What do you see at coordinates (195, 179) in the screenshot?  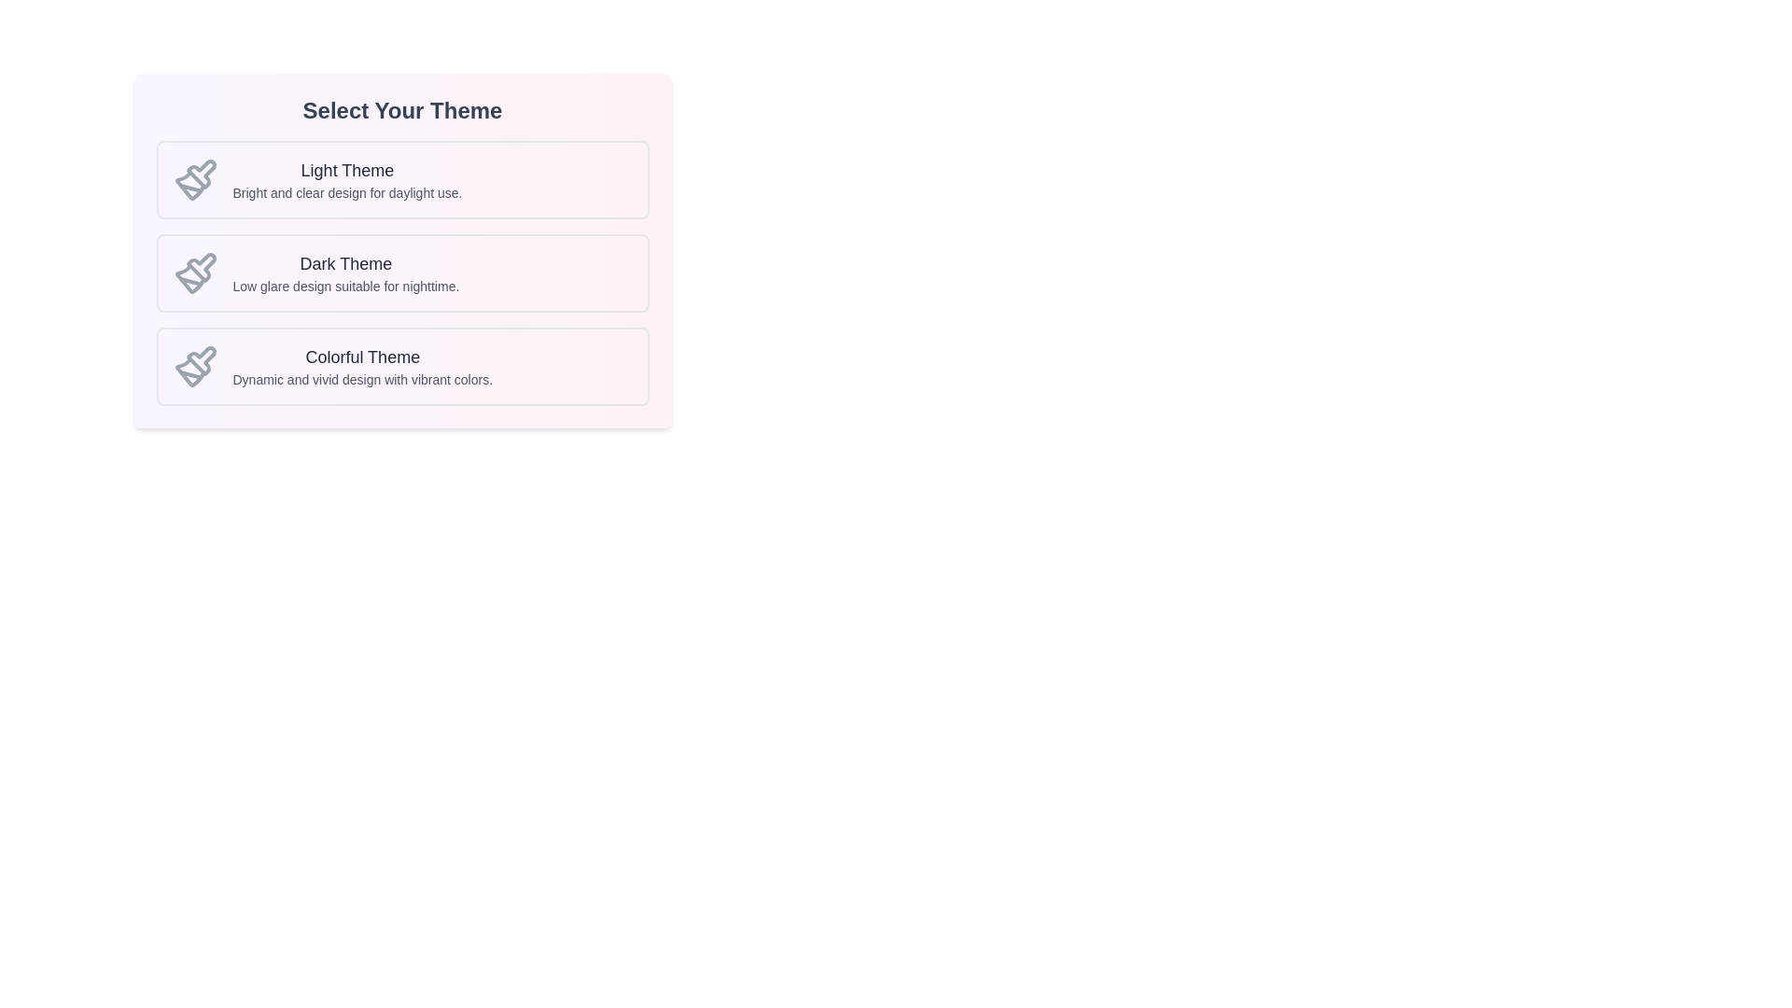 I see `the gray paintbrush icon located at the top-left corner of the 'Light Theme' card` at bounding box center [195, 179].